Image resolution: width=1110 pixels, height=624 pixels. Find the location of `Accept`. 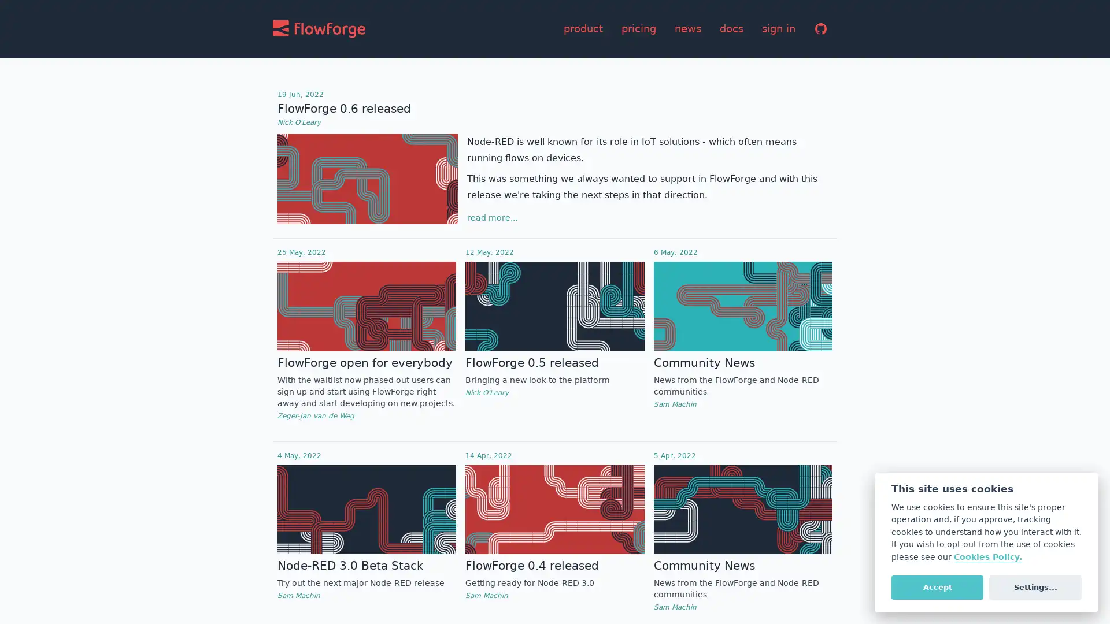

Accept is located at coordinates (937, 586).